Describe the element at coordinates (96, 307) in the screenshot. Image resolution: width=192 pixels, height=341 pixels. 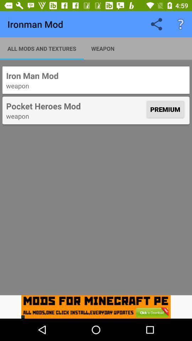
I see `icon below the weapon icon` at that location.